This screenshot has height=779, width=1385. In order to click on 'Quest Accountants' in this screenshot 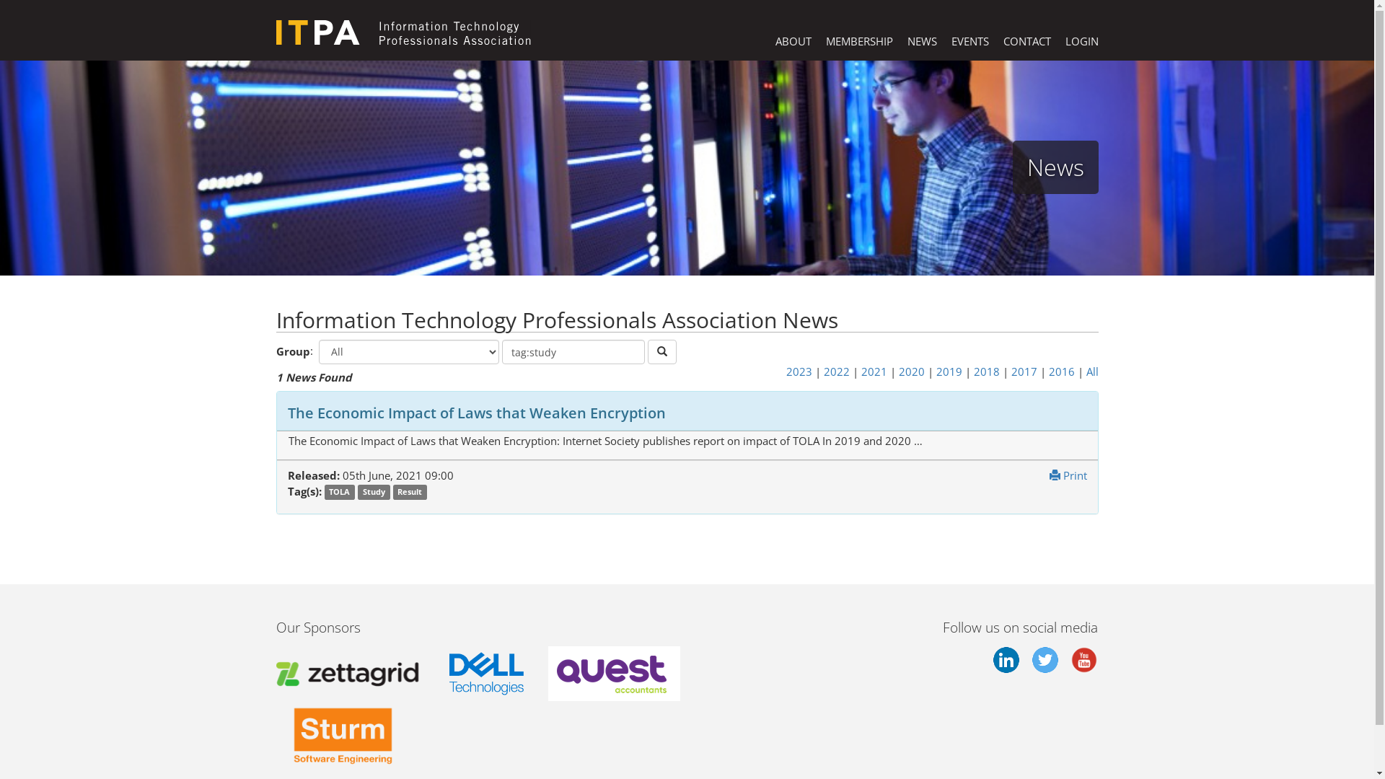, I will do `click(614, 672)`.